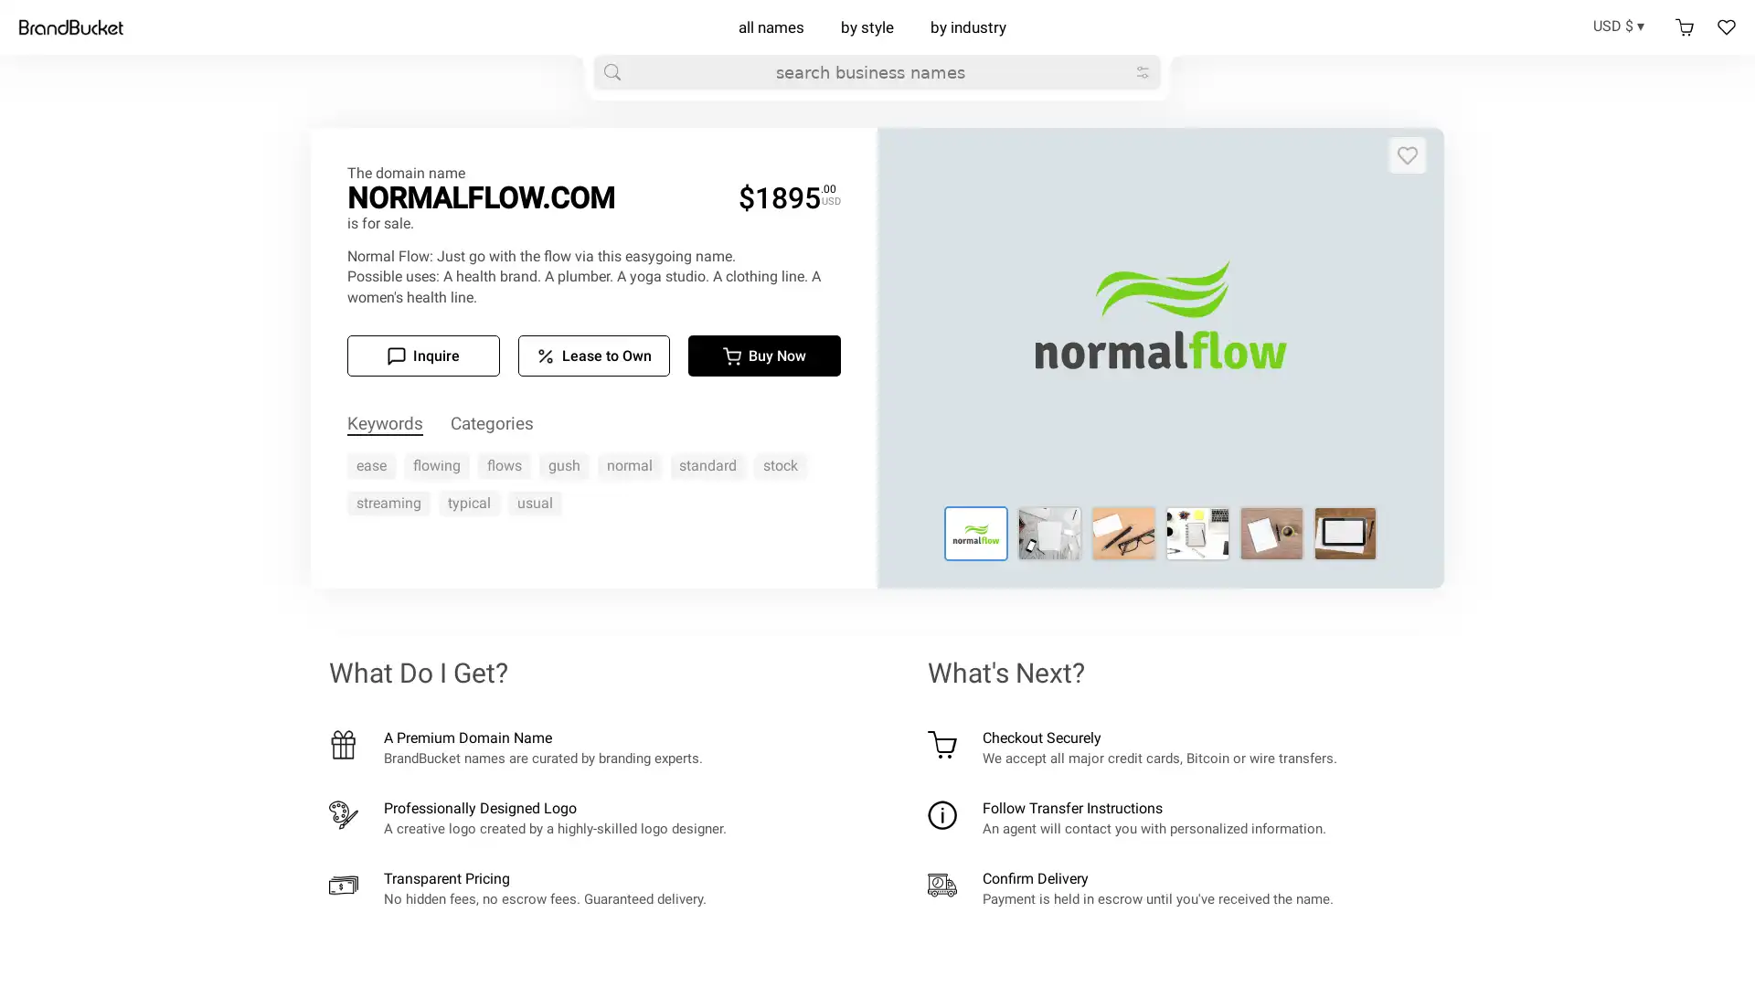 The width and height of the screenshot is (1755, 987). What do you see at coordinates (1684, 27) in the screenshot?
I see `Shopping cart Shopping cart` at bounding box center [1684, 27].